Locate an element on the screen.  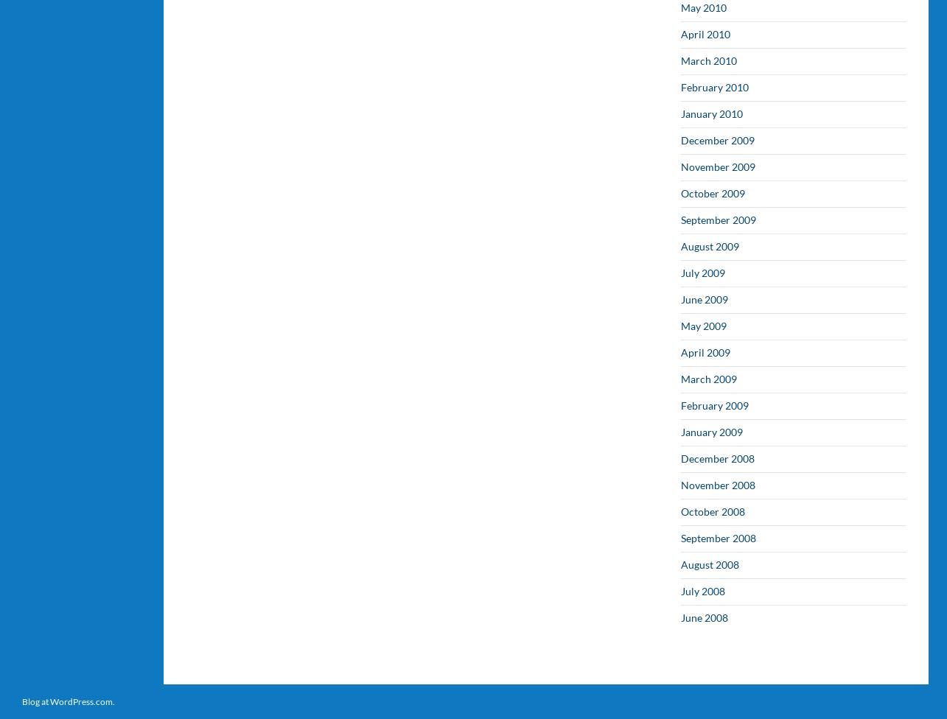
'May 2010' is located at coordinates (704, 7).